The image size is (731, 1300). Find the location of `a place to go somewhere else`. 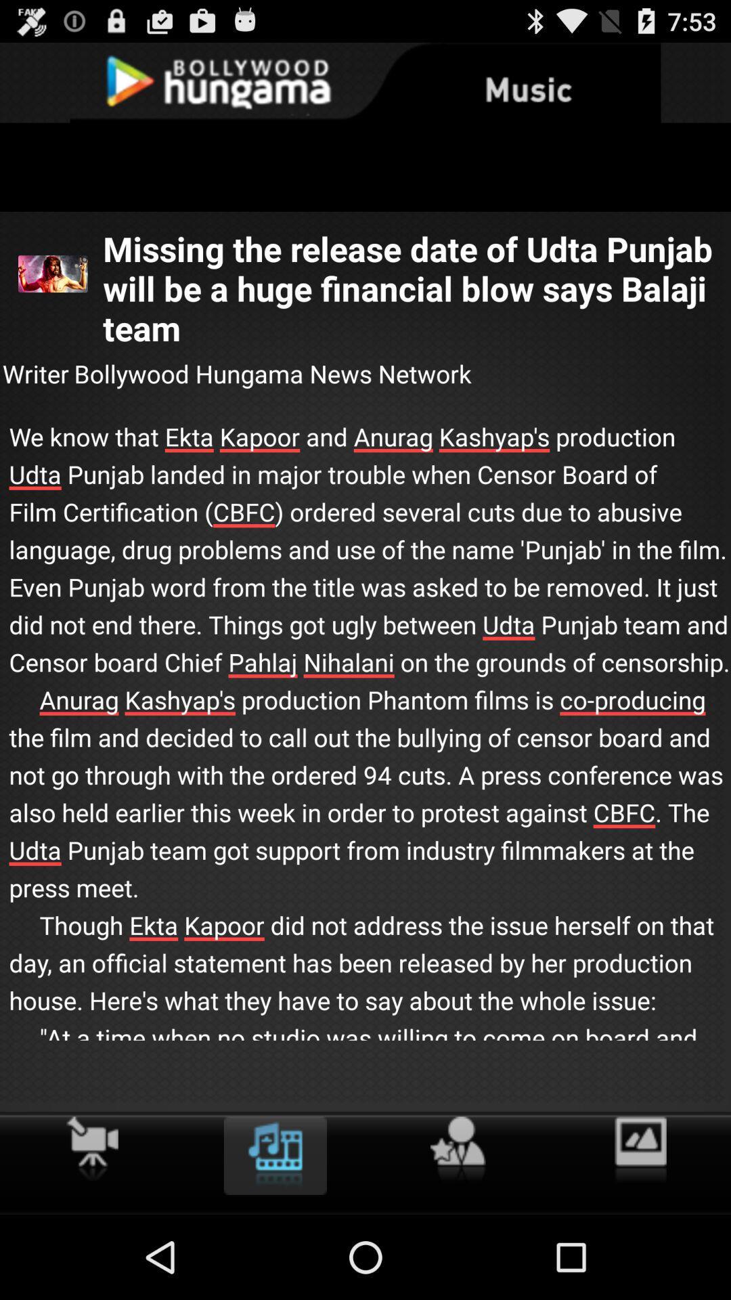

a place to go somewhere else is located at coordinates (457, 1149).